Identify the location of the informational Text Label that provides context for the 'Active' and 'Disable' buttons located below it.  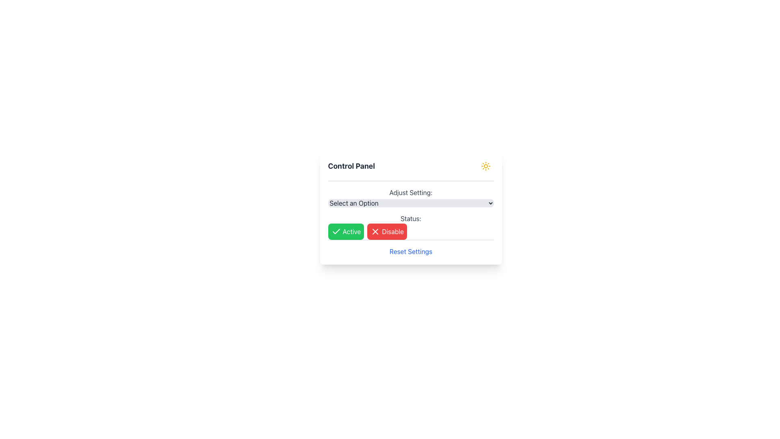
(411, 218).